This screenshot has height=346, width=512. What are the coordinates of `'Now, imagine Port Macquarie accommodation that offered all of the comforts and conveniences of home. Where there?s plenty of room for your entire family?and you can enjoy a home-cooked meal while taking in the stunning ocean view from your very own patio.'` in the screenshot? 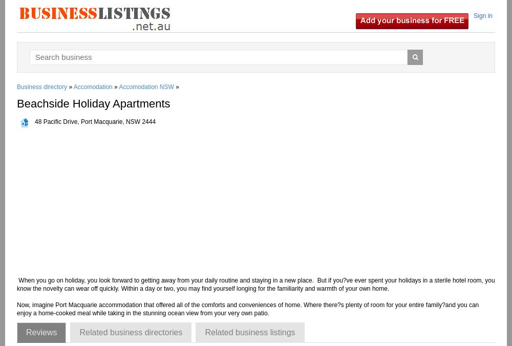 It's located at (247, 309).